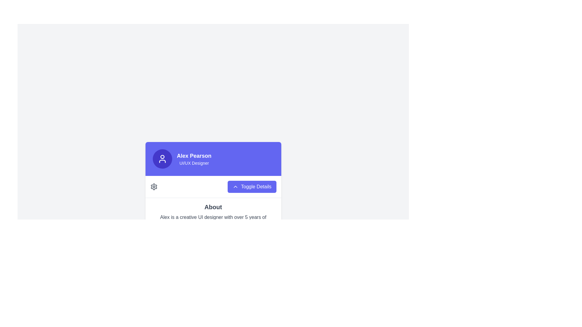  Describe the element at coordinates (235, 186) in the screenshot. I see `the upward-pointing chevron icon located to the left of the 'Toggle Details' text within the button` at that location.